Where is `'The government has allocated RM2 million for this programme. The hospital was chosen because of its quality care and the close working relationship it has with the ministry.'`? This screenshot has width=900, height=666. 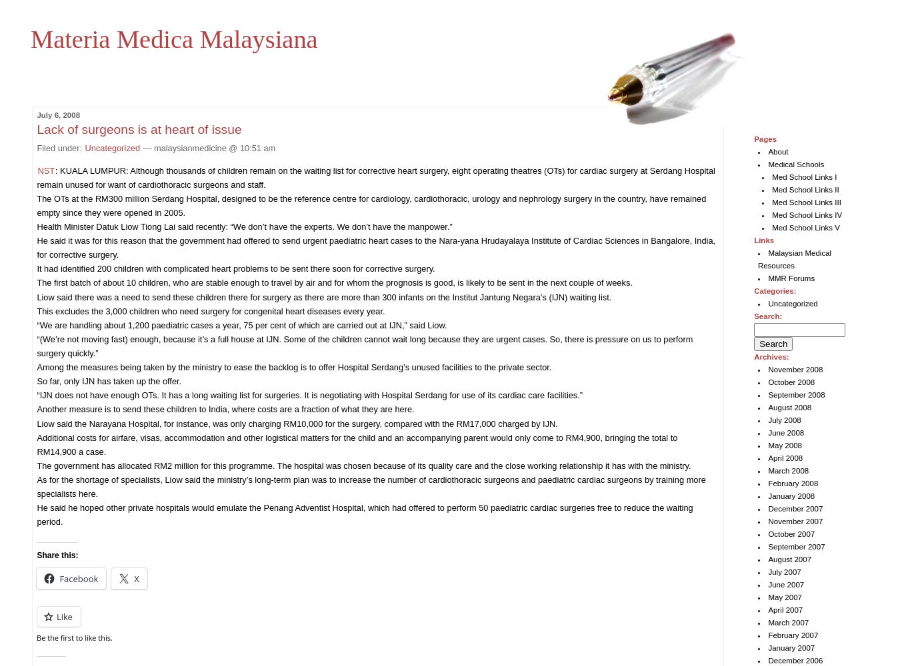 'The government has allocated RM2 million for this programme. The hospital was chosen because of its quality care and the close working relationship it has with the ministry.' is located at coordinates (363, 464).